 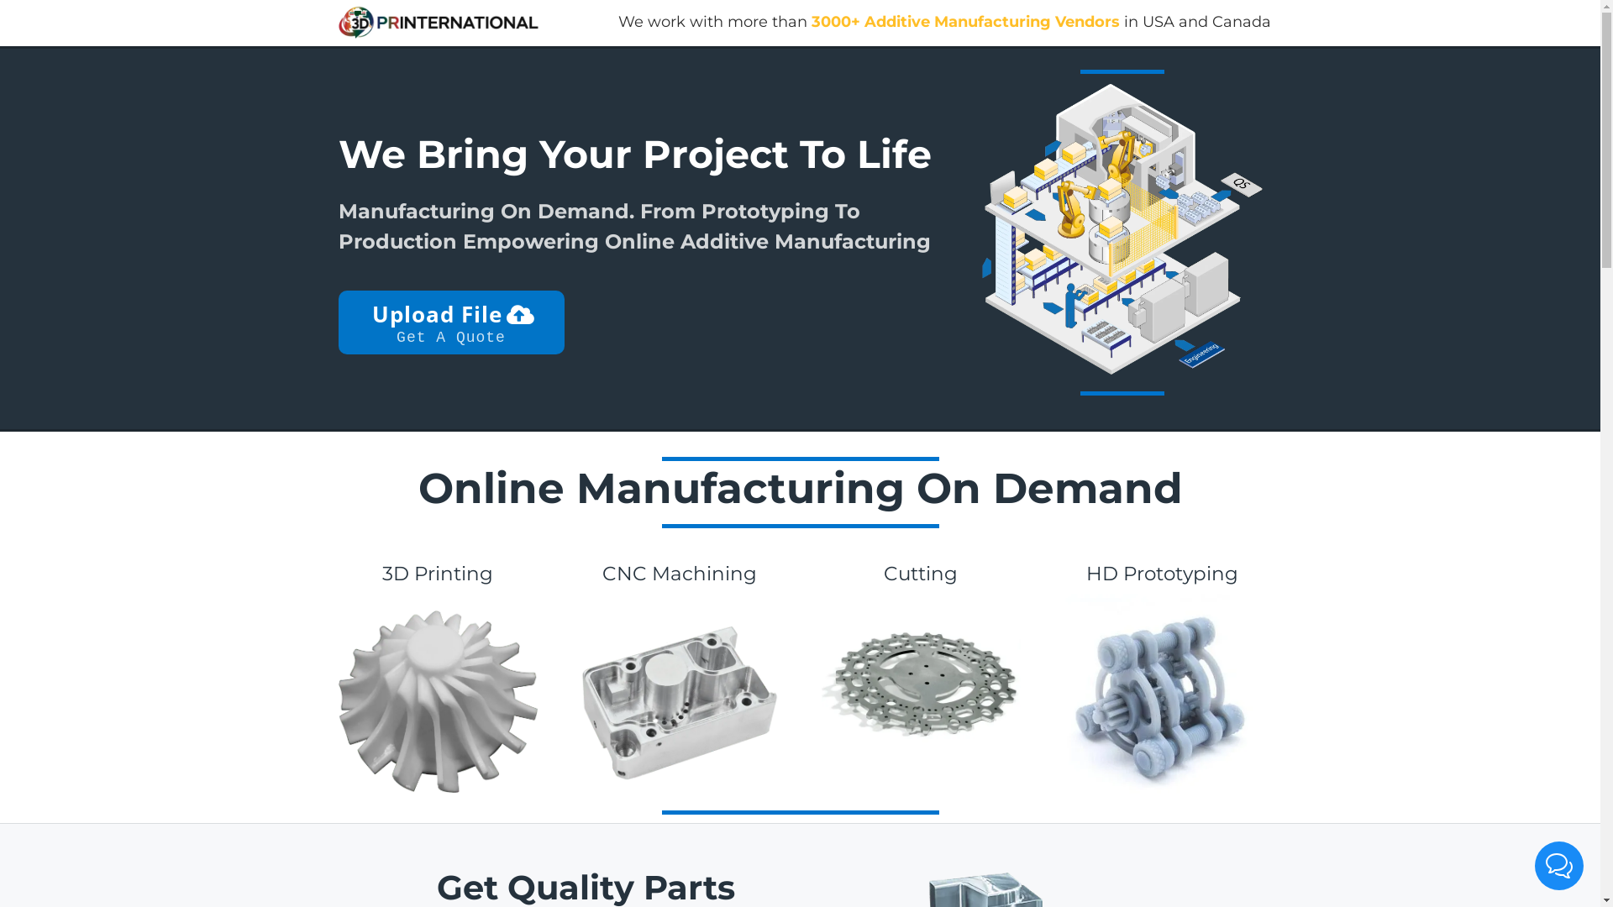 What do you see at coordinates (337, 322) in the screenshot?
I see `'Upload File` at bounding box center [337, 322].